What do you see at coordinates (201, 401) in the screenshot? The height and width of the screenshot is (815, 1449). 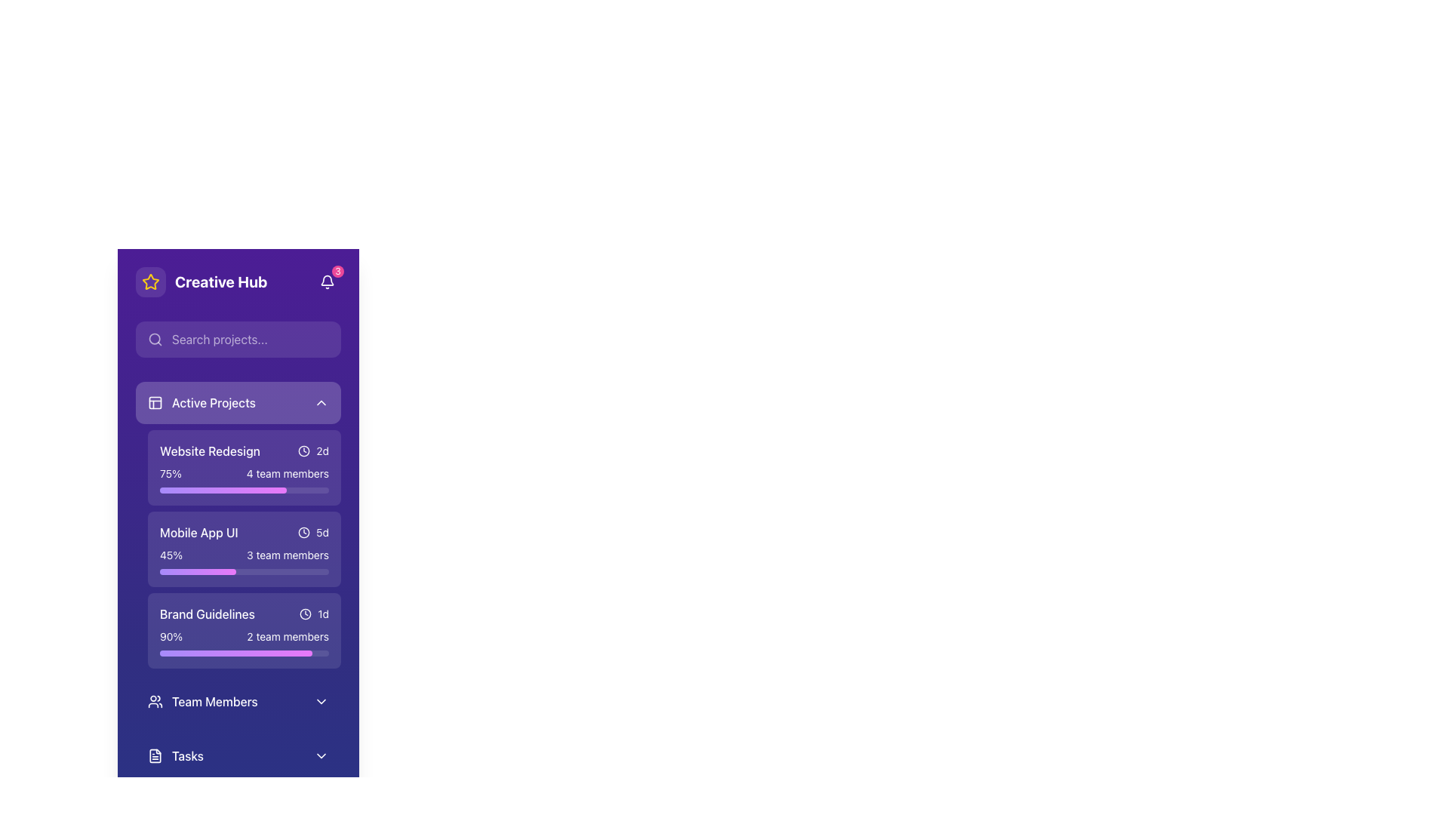 I see `the labeled category header for active projects in the sidebar` at bounding box center [201, 401].